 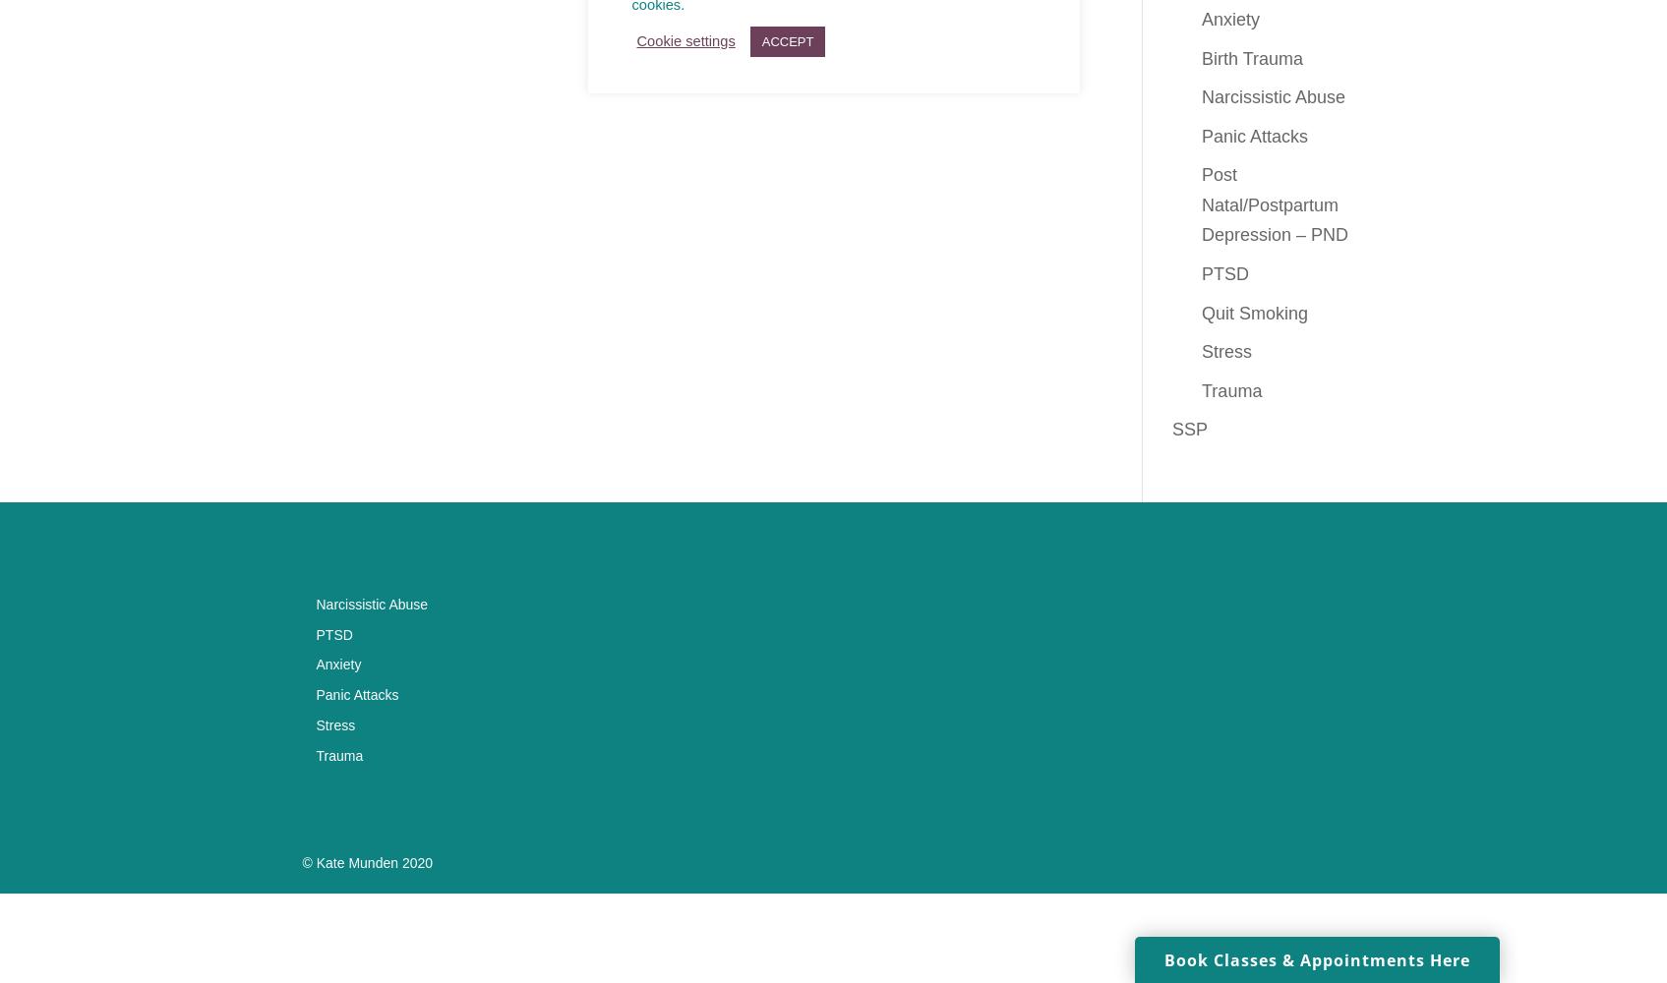 What do you see at coordinates (1274, 203) in the screenshot?
I see `'Post Natal/Postpartum Depression – PND'` at bounding box center [1274, 203].